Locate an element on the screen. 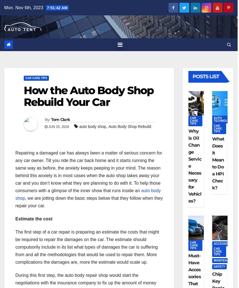 Image resolution: width=239 pixels, height=288 pixels. 'SAFETY' is located at coordinates (219, 266).